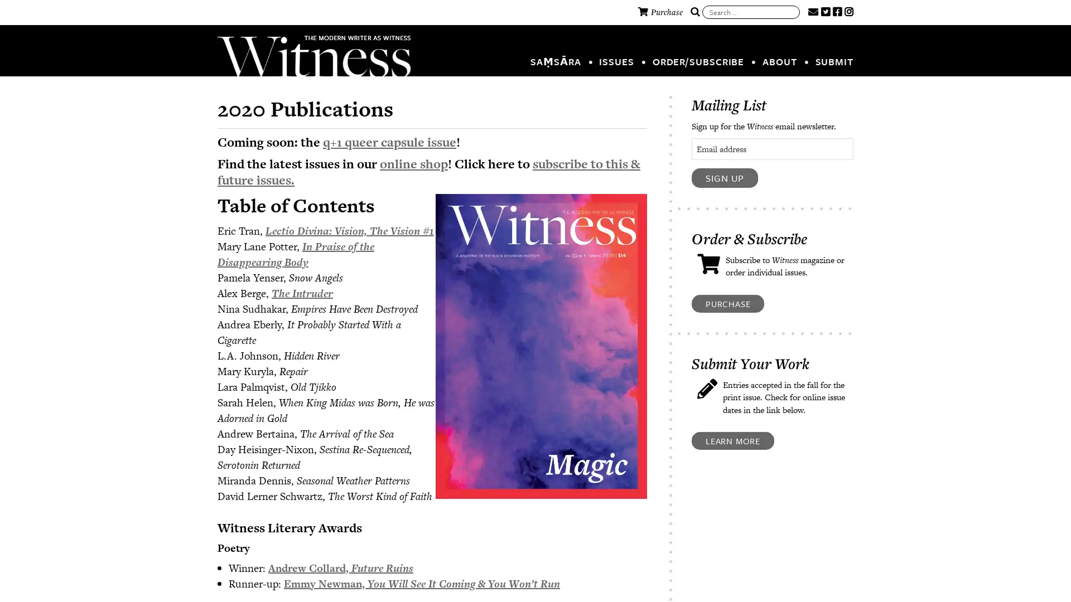  Describe the element at coordinates (725, 177) in the screenshot. I see `Sign Up` at that location.